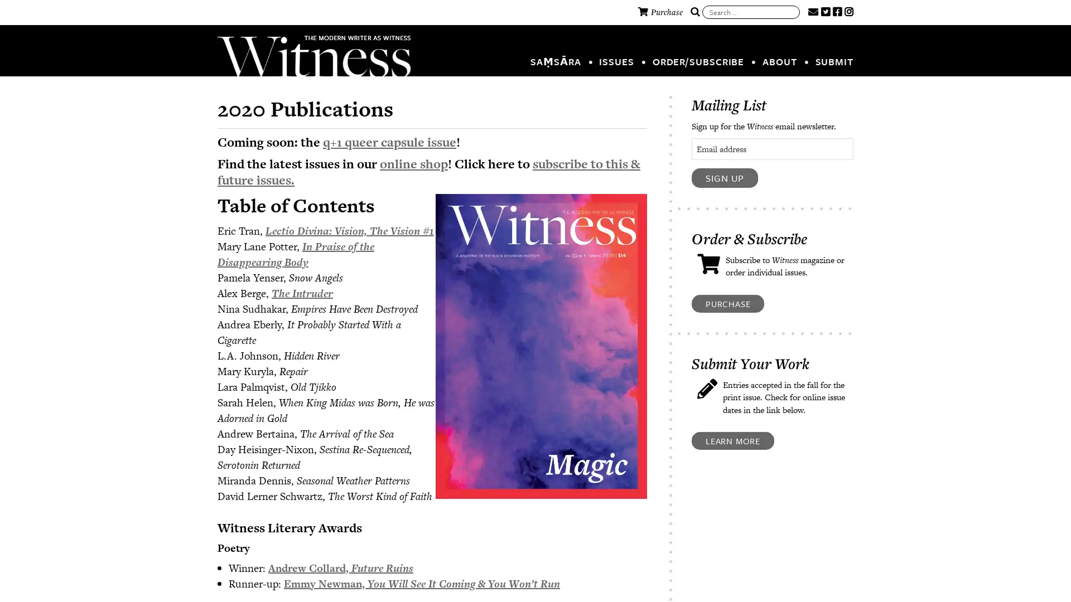  Describe the element at coordinates (725, 177) in the screenshot. I see `Sign Up` at that location.